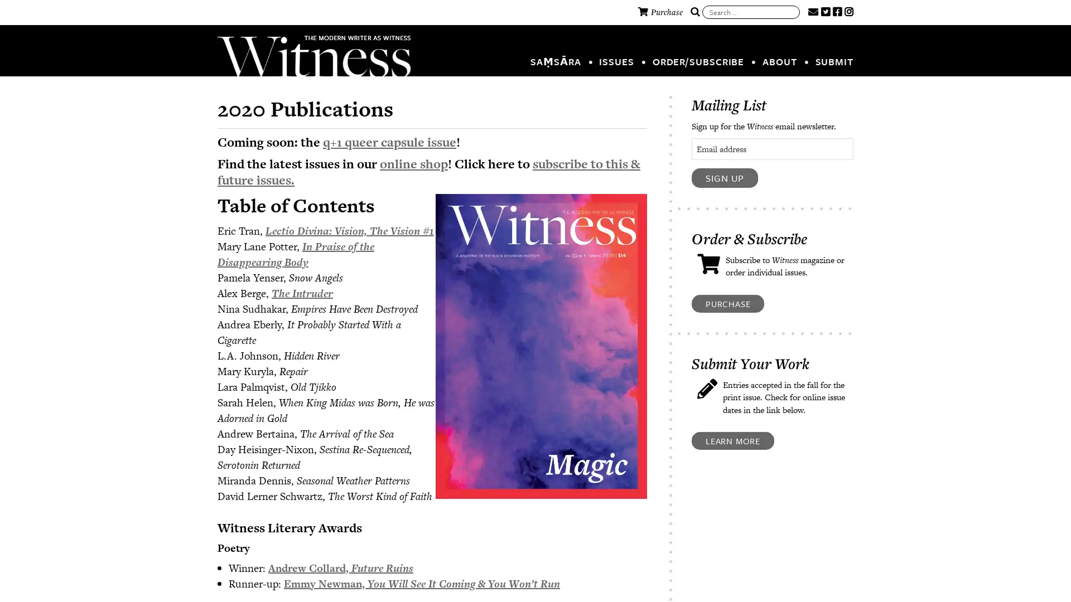  Describe the element at coordinates (725, 177) in the screenshot. I see `Sign Up` at that location.